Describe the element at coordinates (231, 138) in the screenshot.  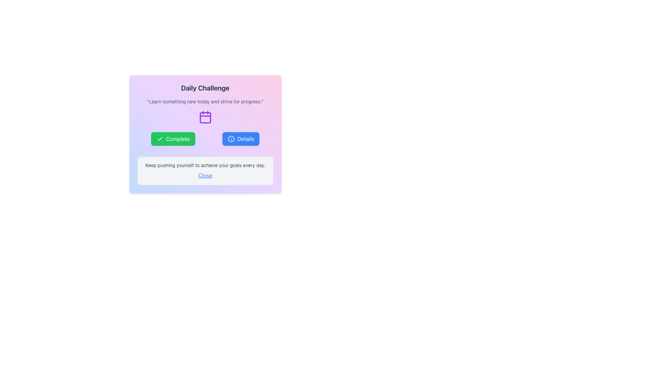
I see `the circular Icon component located within the SVG icon of the 'Details' button, which is positioned in the upper right section of the UI` at that location.